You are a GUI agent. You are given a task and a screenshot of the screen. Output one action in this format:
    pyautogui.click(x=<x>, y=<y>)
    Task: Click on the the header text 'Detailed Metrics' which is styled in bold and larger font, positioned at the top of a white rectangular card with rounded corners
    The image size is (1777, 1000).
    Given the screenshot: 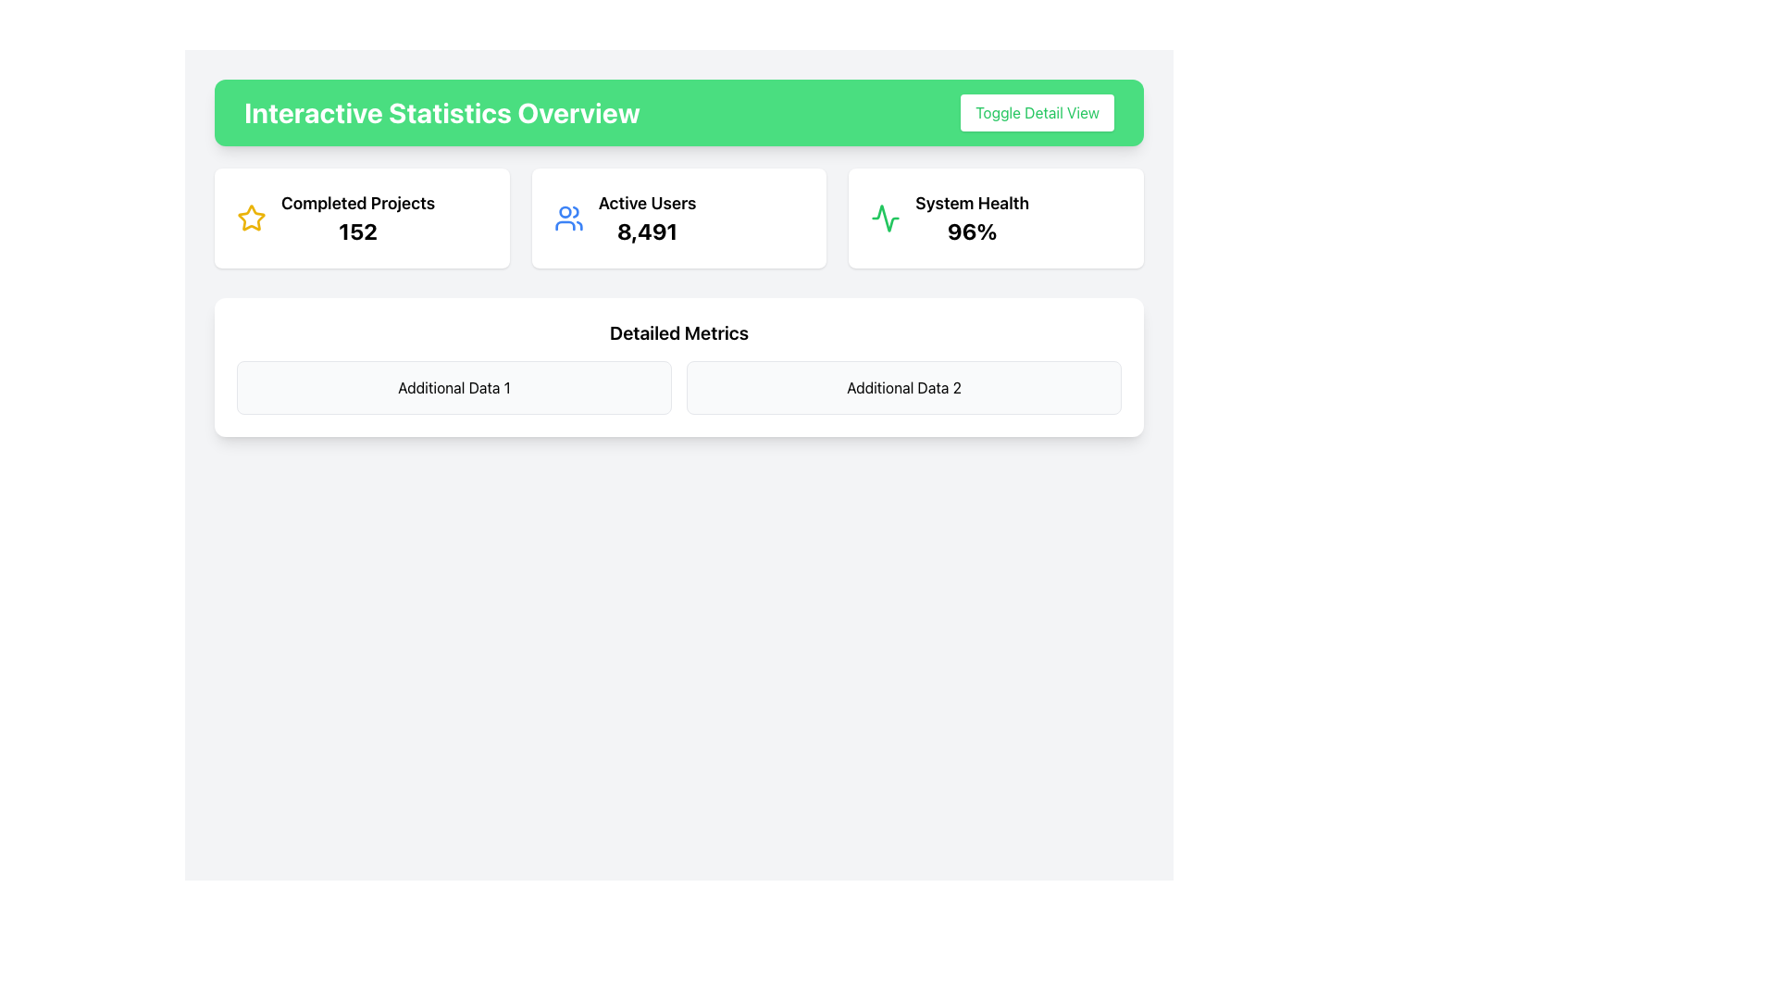 What is the action you would take?
    pyautogui.click(x=678, y=331)
    